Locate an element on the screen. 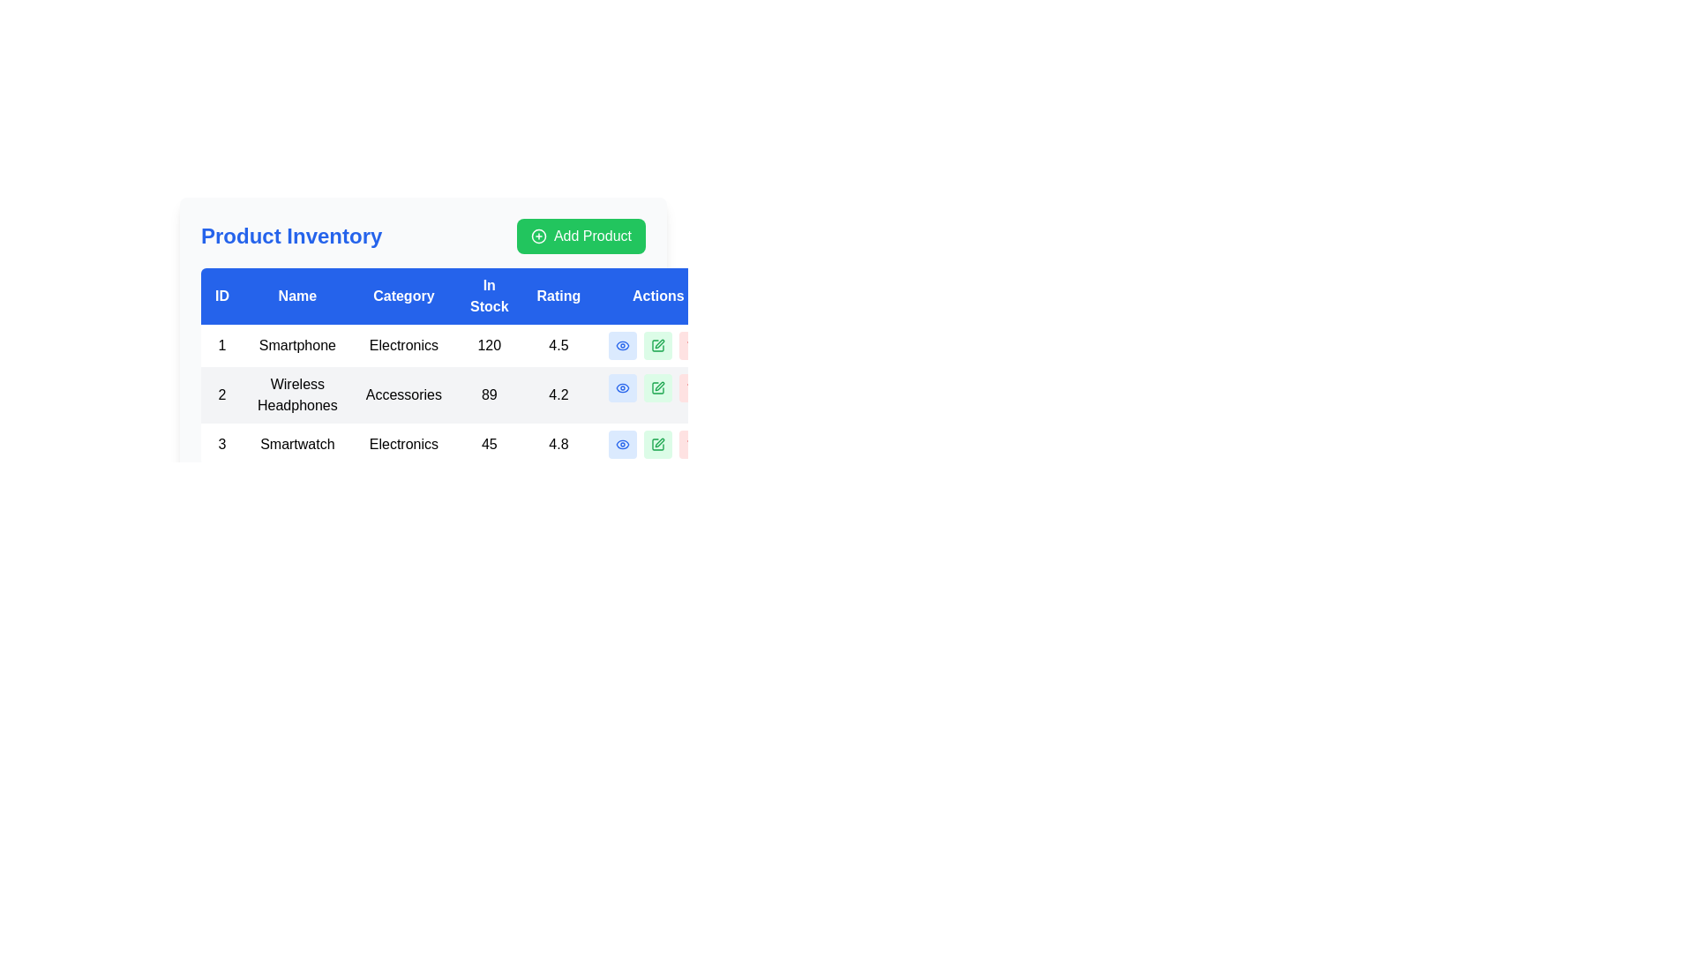 The width and height of the screenshot is (1694, 953). the green rounded square button with a pencil icon in the 'Actions' column of the first row in the 'Product Inventory' table is located at coordinates (657, 346).